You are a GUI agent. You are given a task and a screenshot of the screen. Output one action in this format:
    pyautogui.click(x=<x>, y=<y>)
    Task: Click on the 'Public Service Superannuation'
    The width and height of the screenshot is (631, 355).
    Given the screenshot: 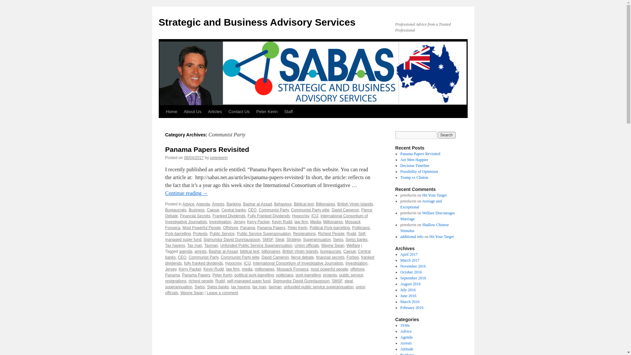 What is the action you would take?
    pyautogui.click(x=264, y=233)
    